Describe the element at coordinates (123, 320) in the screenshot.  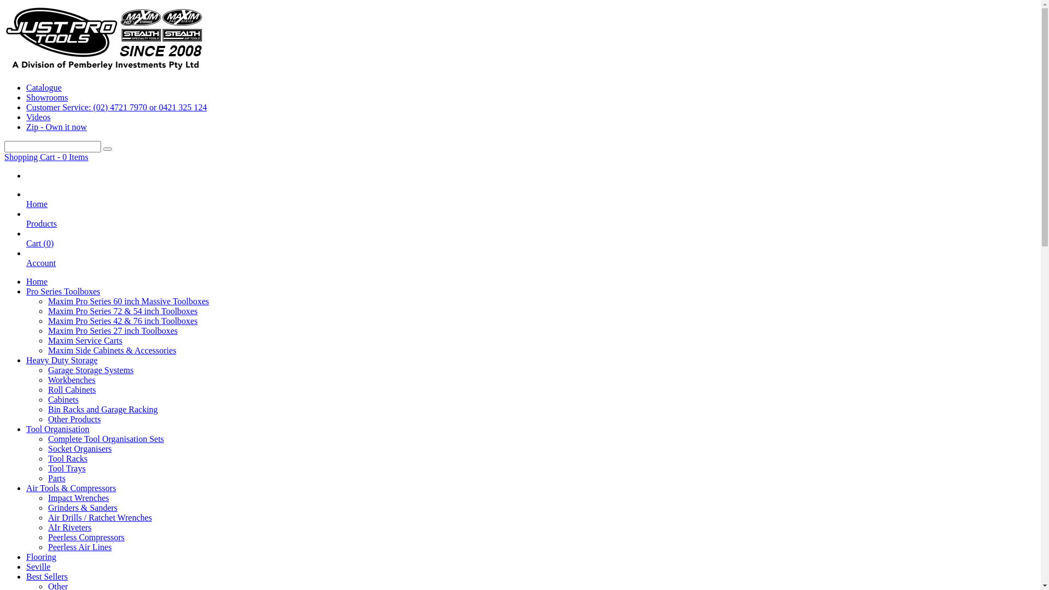
I see `'Maxim Pro Series 42 & 76 inch Toolboxes'` at that location.